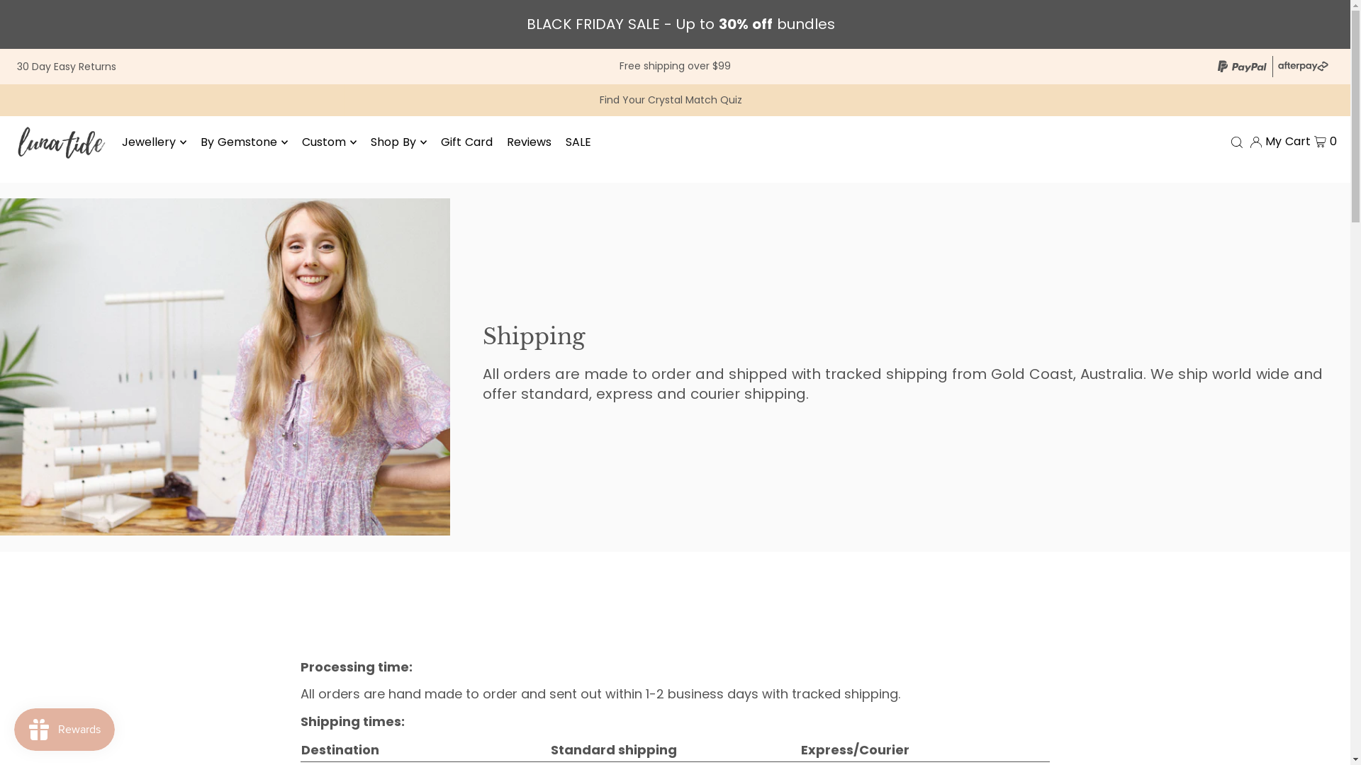  Describe the element at coordinates (440, 142) in the screenshot. I see `'Gift Card'` at that location.